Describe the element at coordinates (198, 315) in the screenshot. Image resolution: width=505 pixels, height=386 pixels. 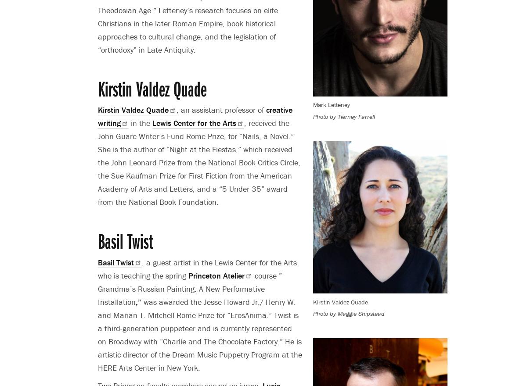
I see `'Jesse Howard Jr./ Henry W. and Marian T. Mitchell Rome Prize for “ErosAnima.” Twist is a third-generation'` at that location.